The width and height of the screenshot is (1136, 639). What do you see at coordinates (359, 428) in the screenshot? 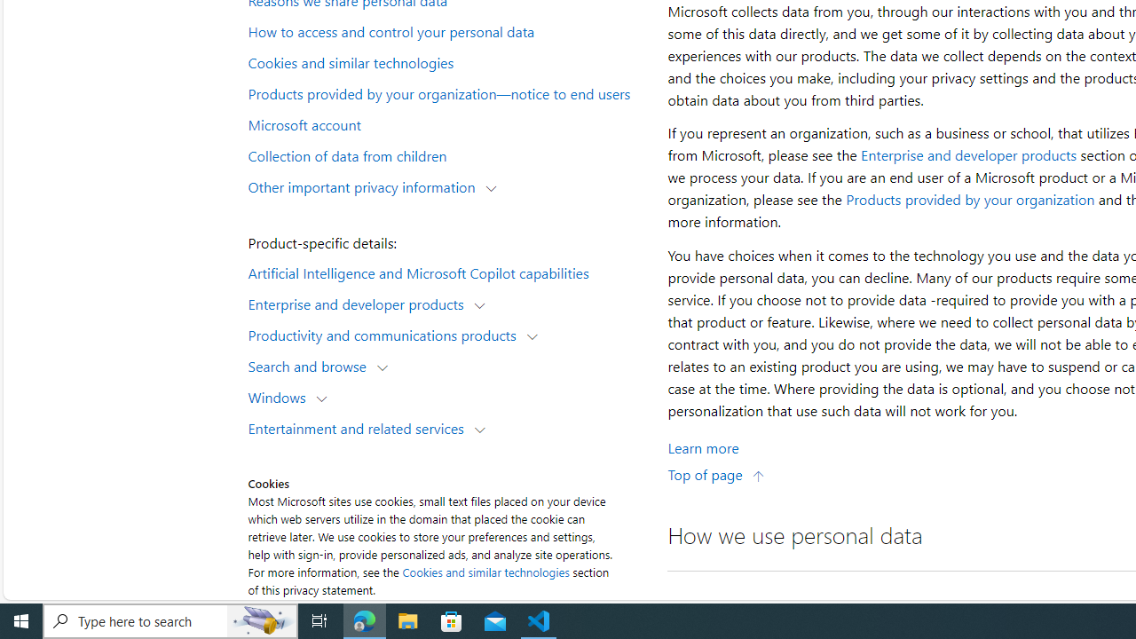
I see `'Entertainment and related services'` at bounding box center [359, 428].